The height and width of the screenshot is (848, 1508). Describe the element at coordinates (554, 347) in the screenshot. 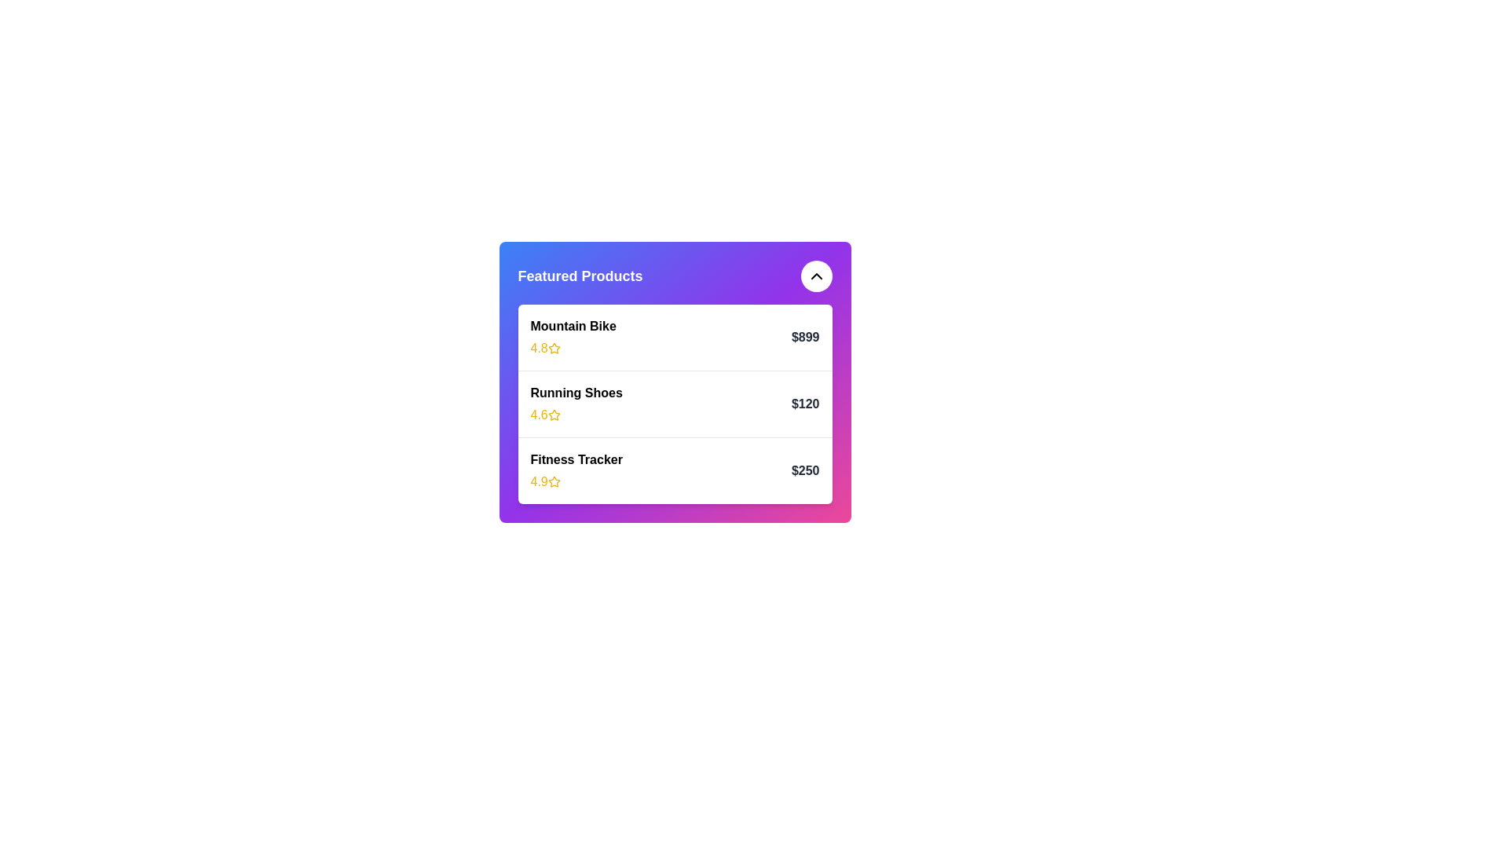

I see `the star icon representing the rating for the 'Mountain Bike' product, located to the right of the text '4.8' in the first row of the list` at that location.